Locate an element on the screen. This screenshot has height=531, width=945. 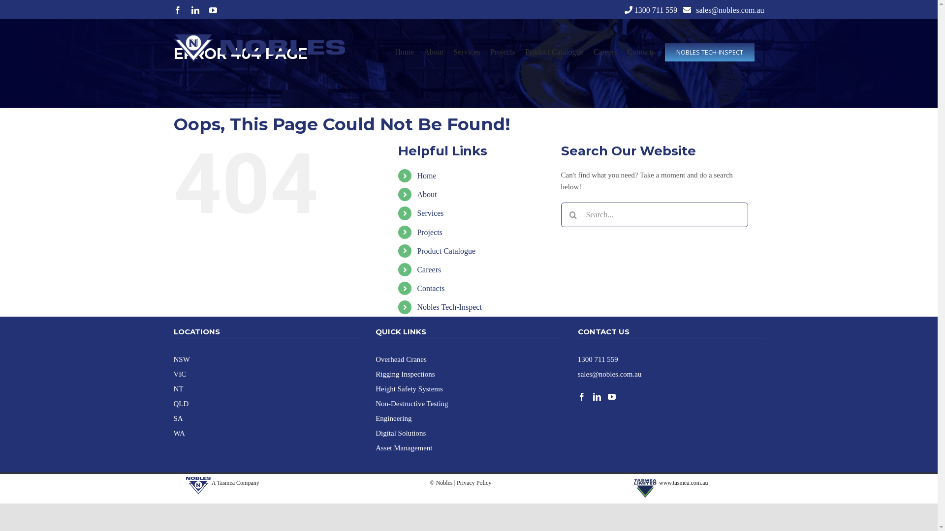
'NT' is located at coordinates (178, 388).